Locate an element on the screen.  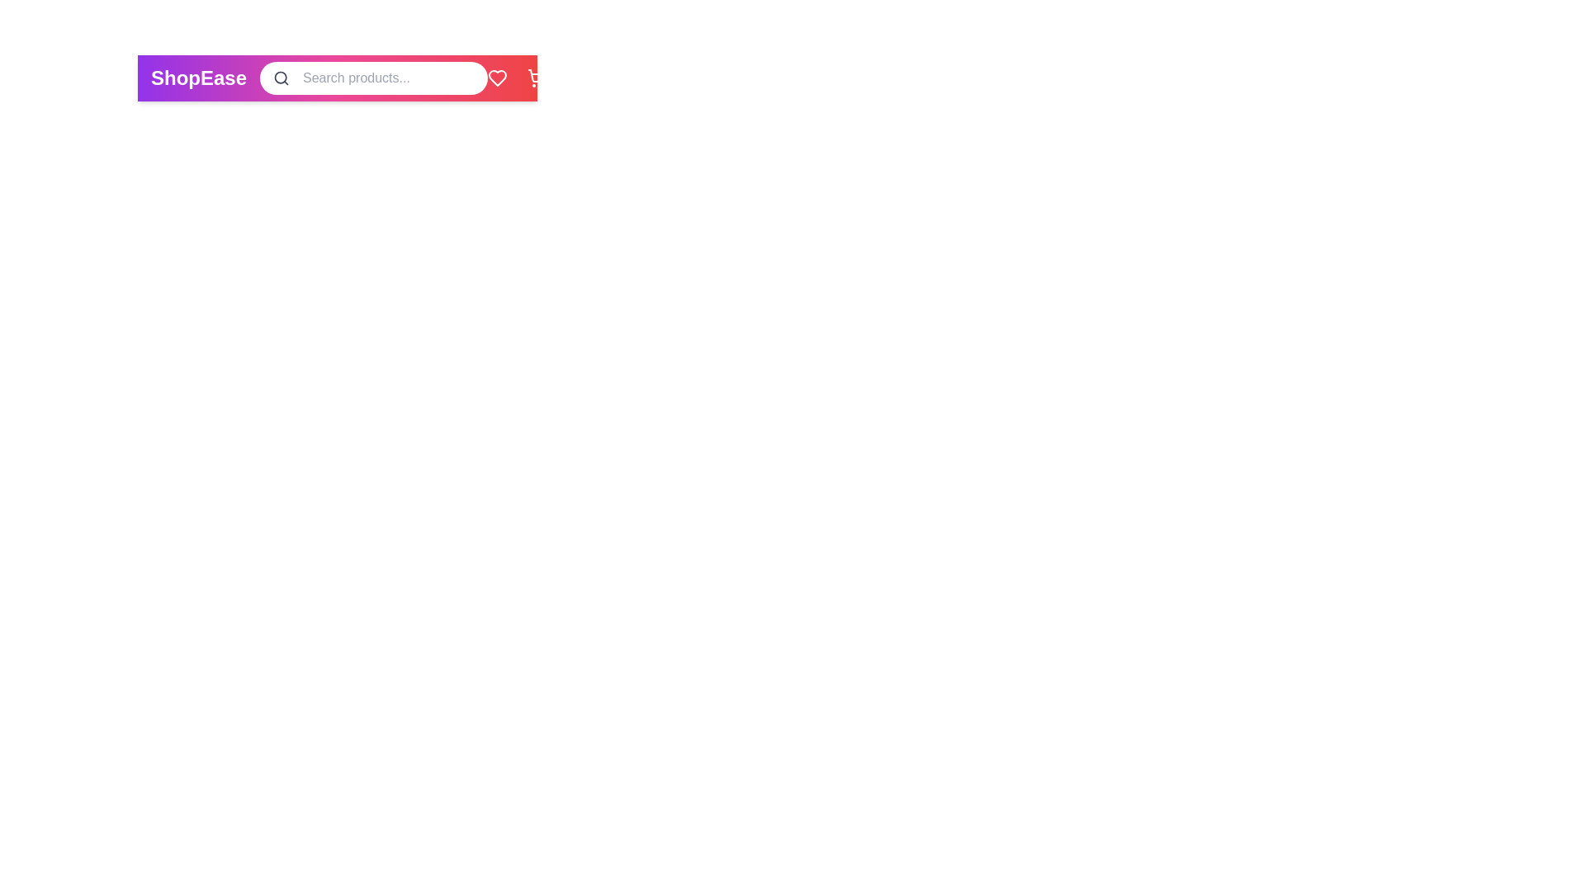
the shopping cart icon to view the cart is located at coordinates (537, 78).